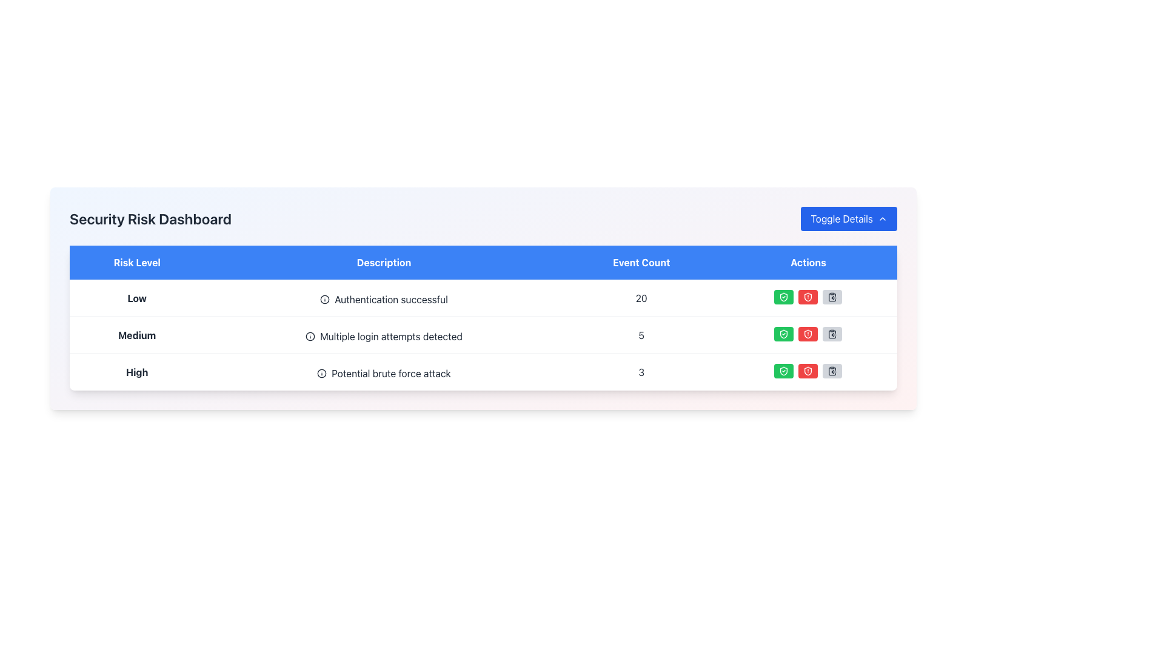 The height and width of the screenshot is (655, 1164). What do you see at coordinates (137, 335) in the screenshot?
I see `the 'Medium' risk level text label located in the second row of the table under the 'Risk Level' column in the dashboard` at bounding box center [137, 335].